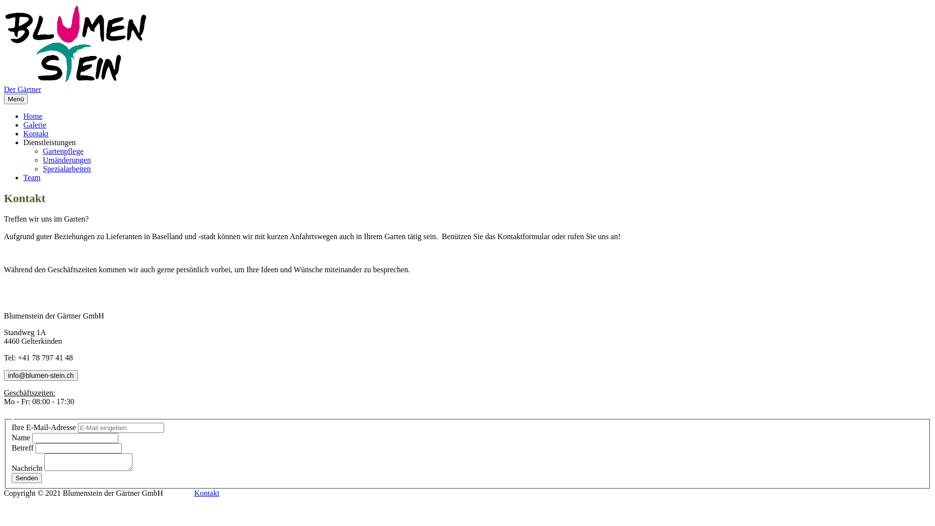 This screenshot has height=526, width=935. What do you see at coordinates (32, 177) in the screenshot?
I see `'Team'` at bounding box center [32, 177].